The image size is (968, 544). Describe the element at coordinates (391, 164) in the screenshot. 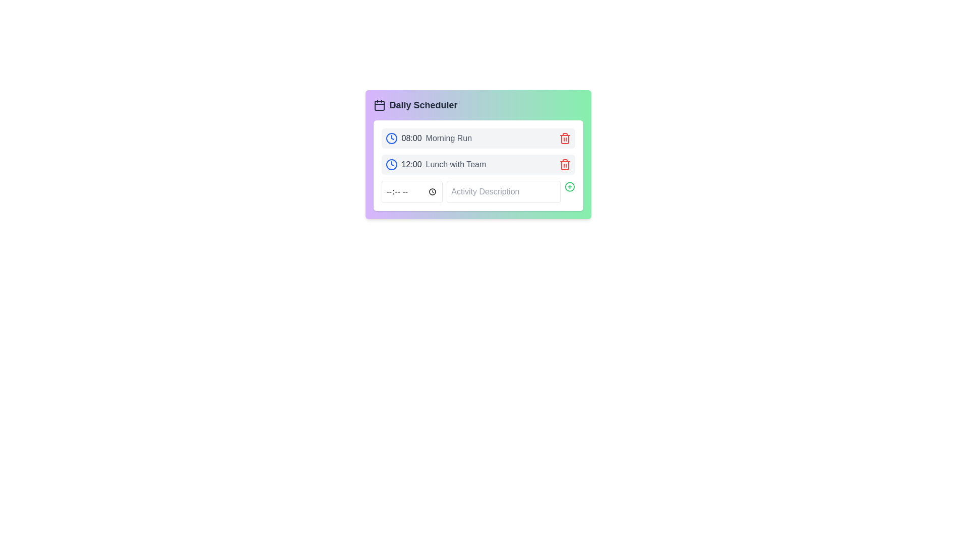

I see `the SVG Circle that is centrally positioned within the clock-shaped icon, located to the left of the '08:00 Morning Run' and '12:00 Lunch with Team' labels` at that location.